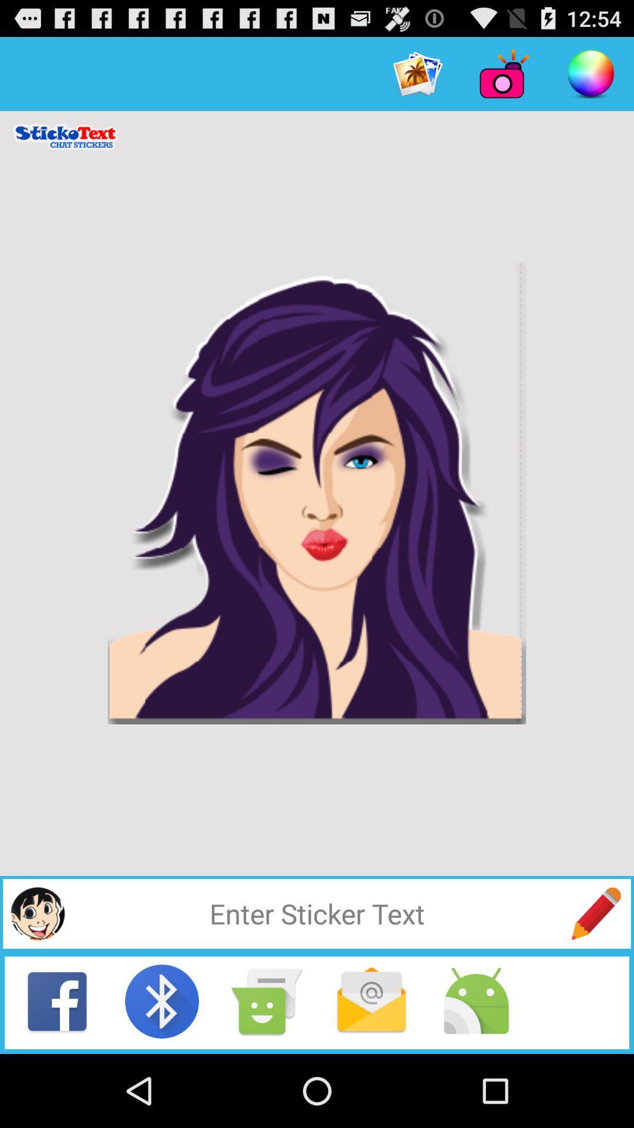 This screenshot has width=634, height=1128. I want to click on bluetooth button, so click(162, 1001).